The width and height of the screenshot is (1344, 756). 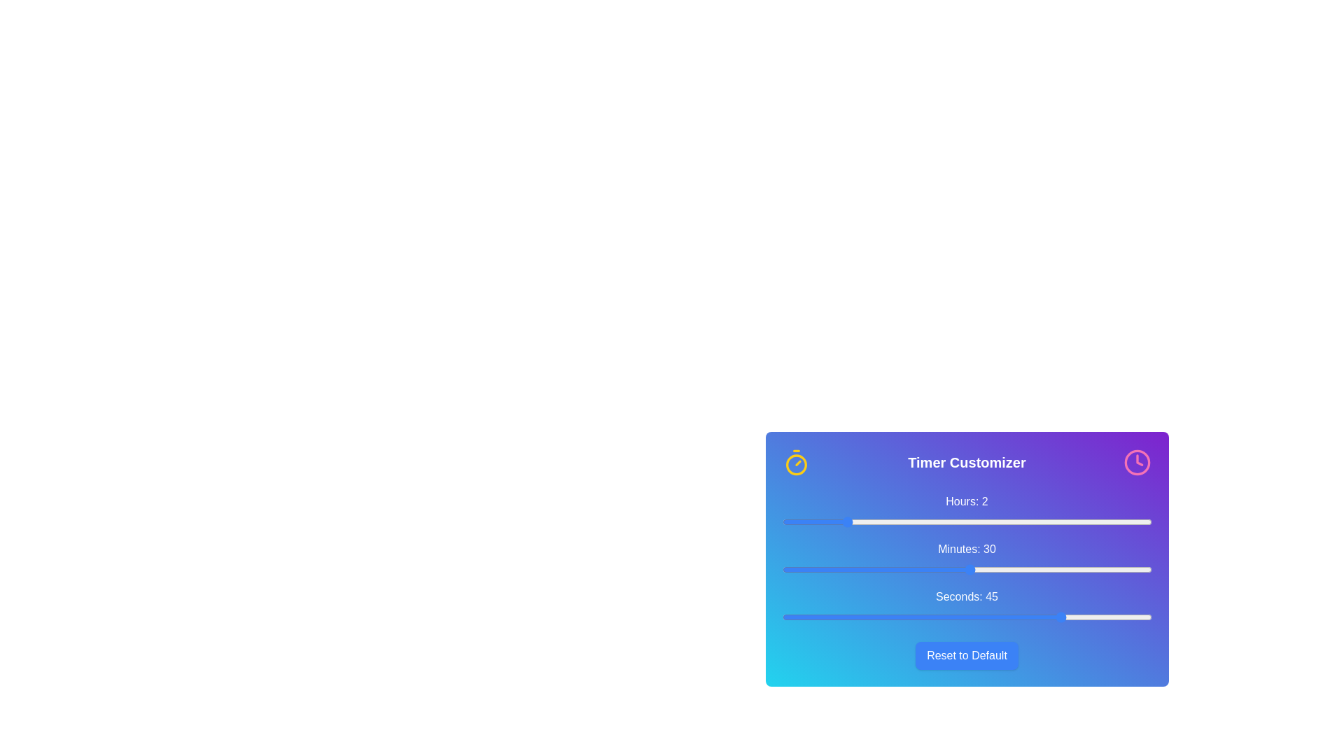 I want to click on the 'minutes' slider to set the value to 55, so click(x=1126, y=569).